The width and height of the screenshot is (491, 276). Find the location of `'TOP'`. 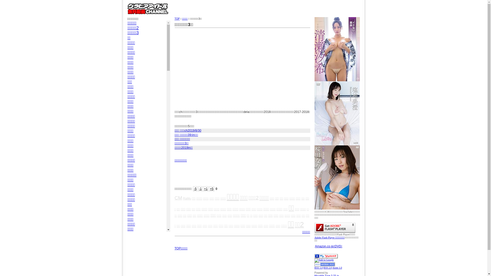

'TOP' is located at coordinates (174, 18).